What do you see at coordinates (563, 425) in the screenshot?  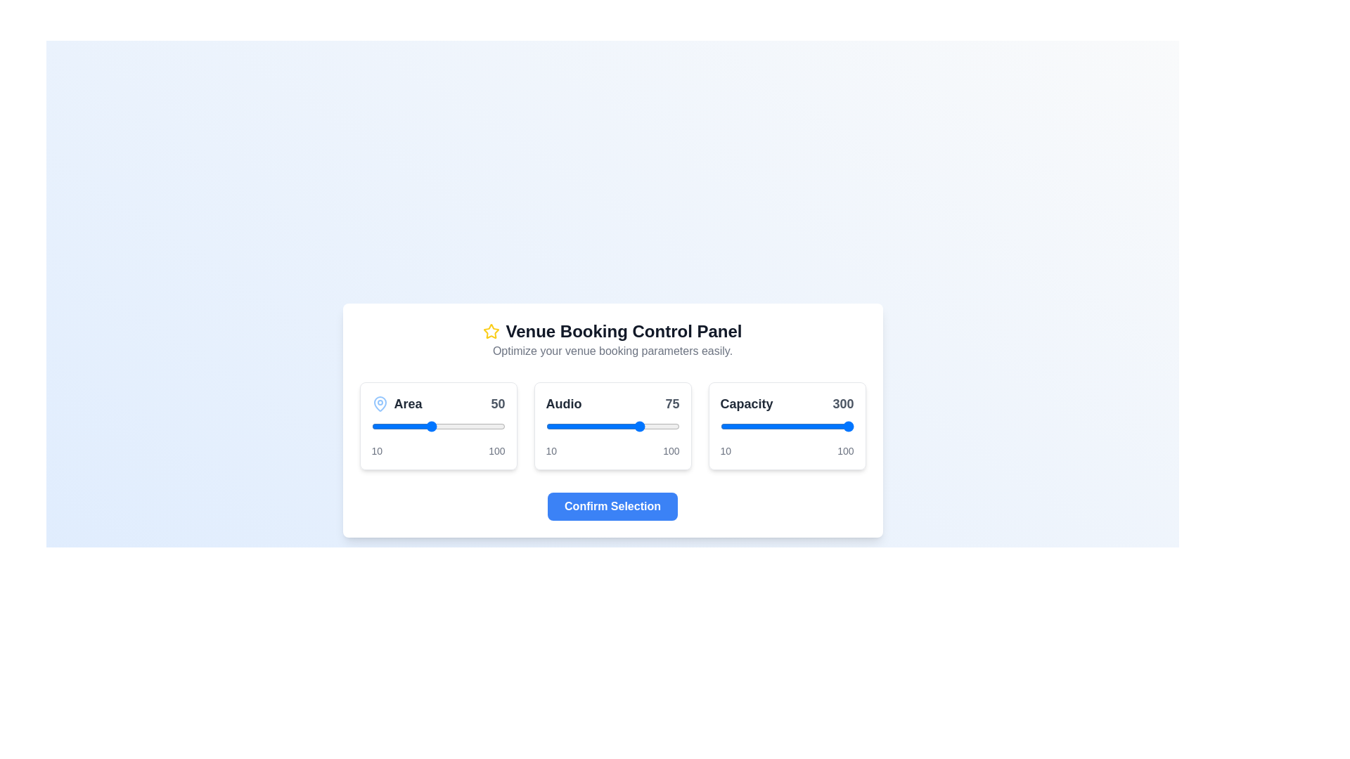 I see `the audio level` at bounding box center [563, 425].